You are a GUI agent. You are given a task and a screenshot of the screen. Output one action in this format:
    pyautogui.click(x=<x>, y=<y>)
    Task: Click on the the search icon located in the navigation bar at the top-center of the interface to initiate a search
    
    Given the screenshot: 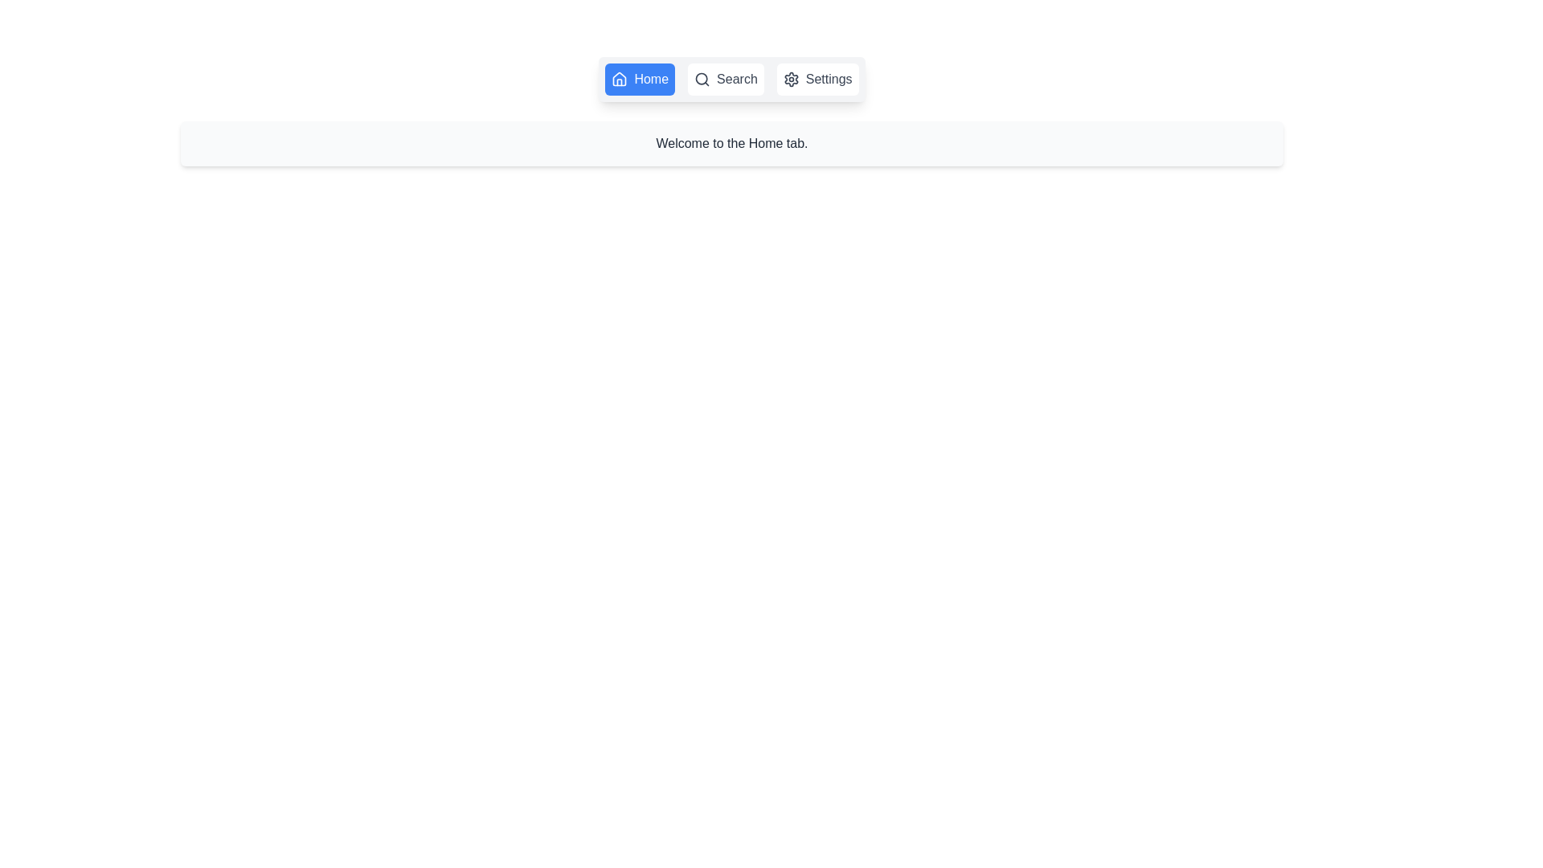 What is the action you would take?
    pyautogui.click(x=702, y=80)
    